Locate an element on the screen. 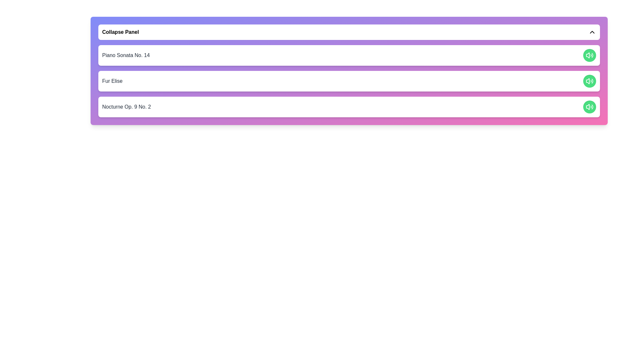  button to toggle the panel's expanded/collapsed state is located at coordinates (349, 32).